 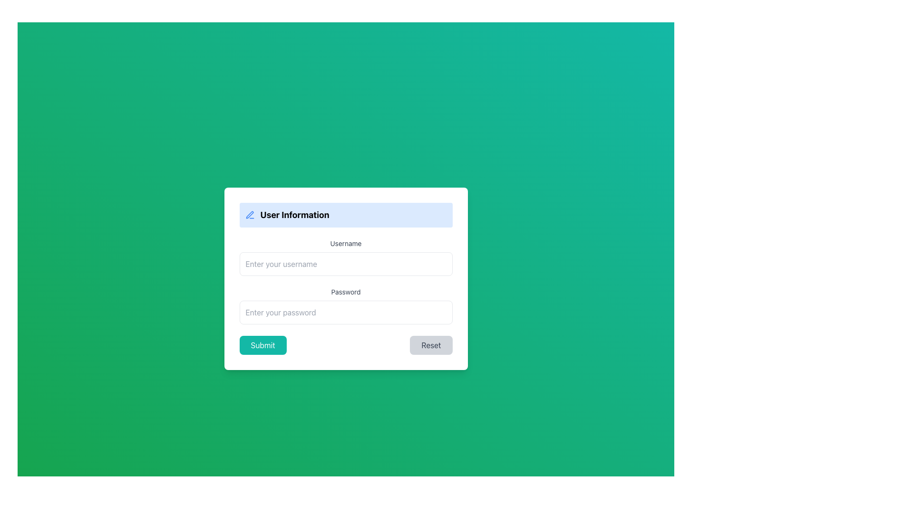 What do you see at coordinates (345, 313) in the screenshot?
I see `the Password Input Field located within the 'User Information' form to focus on it` at bounding box center [345, 313].